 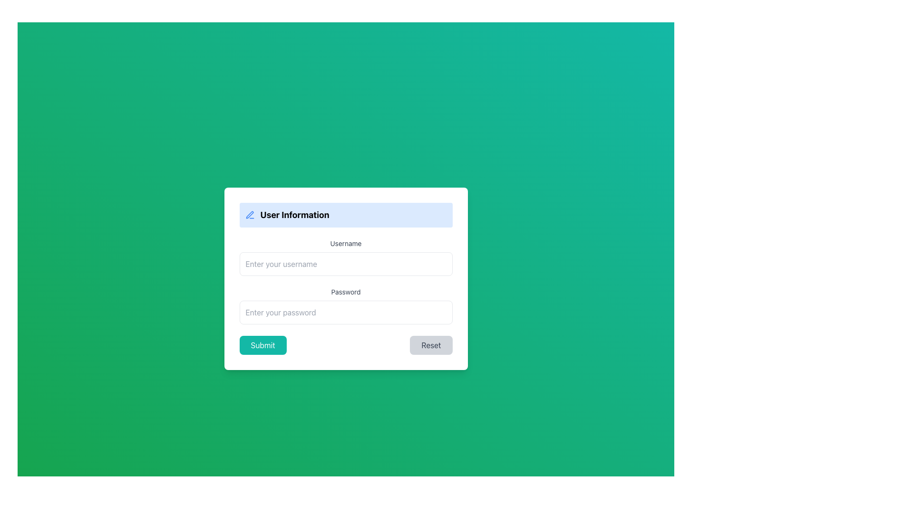 What do you see at coordinates (345, 313) in the screenshot?
I see `the Password Input Field located within the 'User Information' form to focus on it` at bounding box center [345, 313].